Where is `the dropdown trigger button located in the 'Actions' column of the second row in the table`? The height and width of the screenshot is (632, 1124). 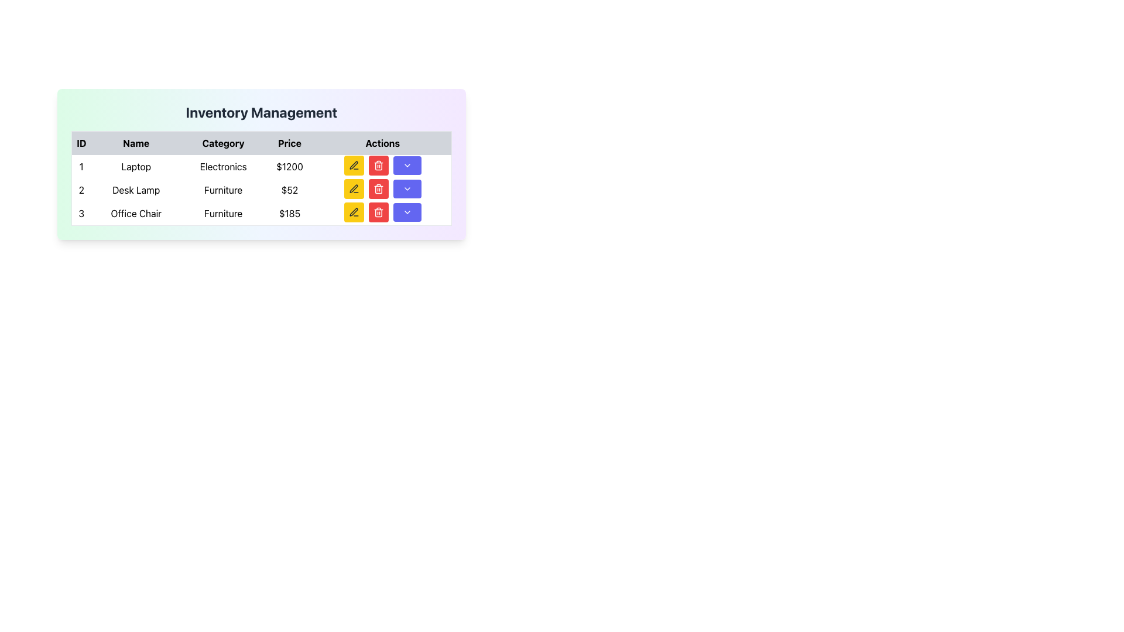
the dropdown trigger button located in the 'Actions' column of the second row in the table is located at coordinates (407, 165).